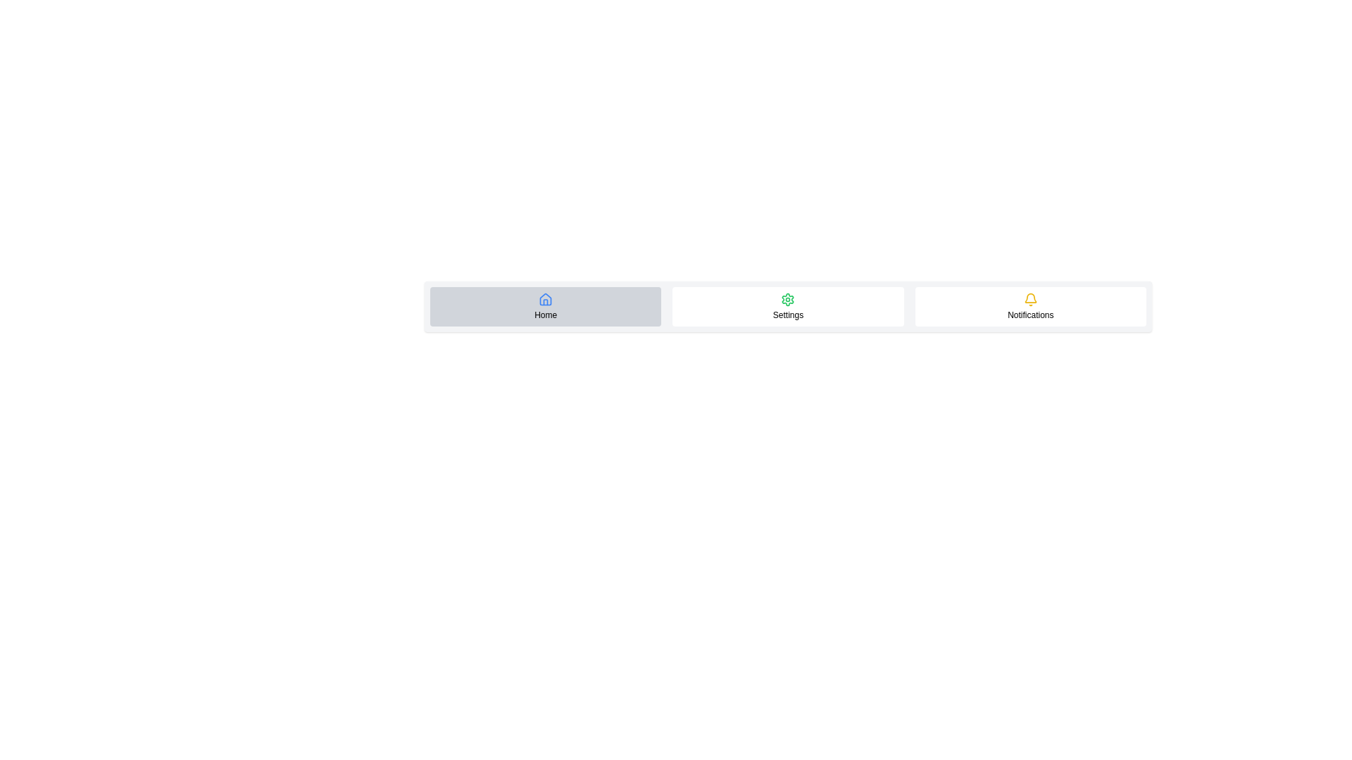 This screenshot has height=760, width=1352. Describe the element at coordinates (1030, 314) in the screenshot. I see `the 'Notifications' text label located below the yellow notification bell icon on the right end of the navigation bar for accessibility purposes` at that location.